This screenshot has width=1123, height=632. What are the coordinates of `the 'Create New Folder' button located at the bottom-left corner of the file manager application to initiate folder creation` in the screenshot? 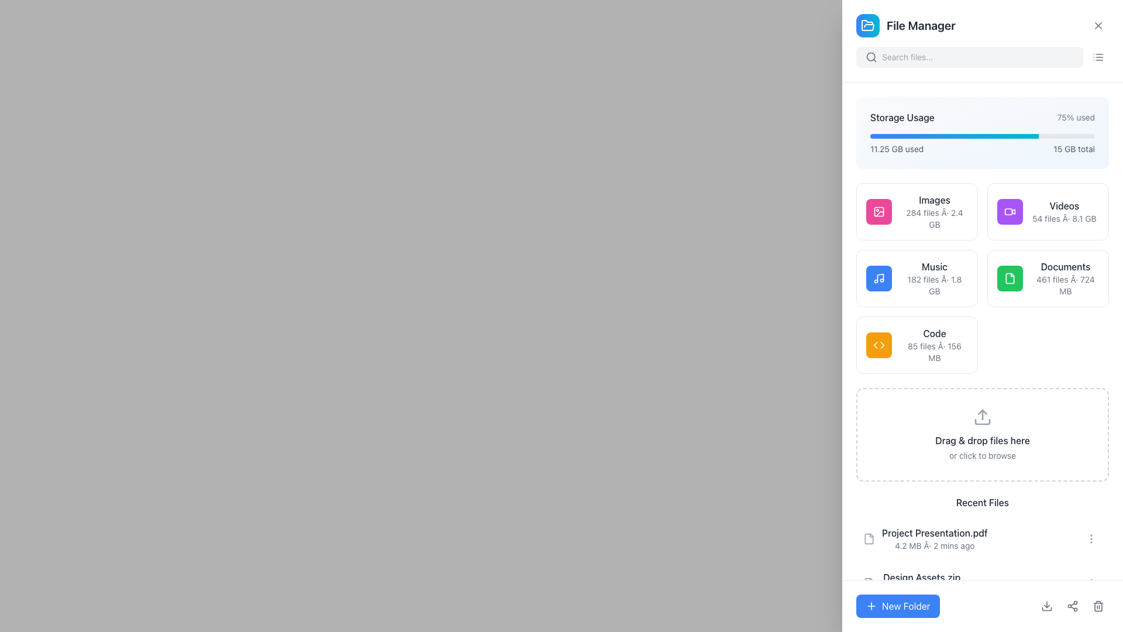 It's located at (897, 606).